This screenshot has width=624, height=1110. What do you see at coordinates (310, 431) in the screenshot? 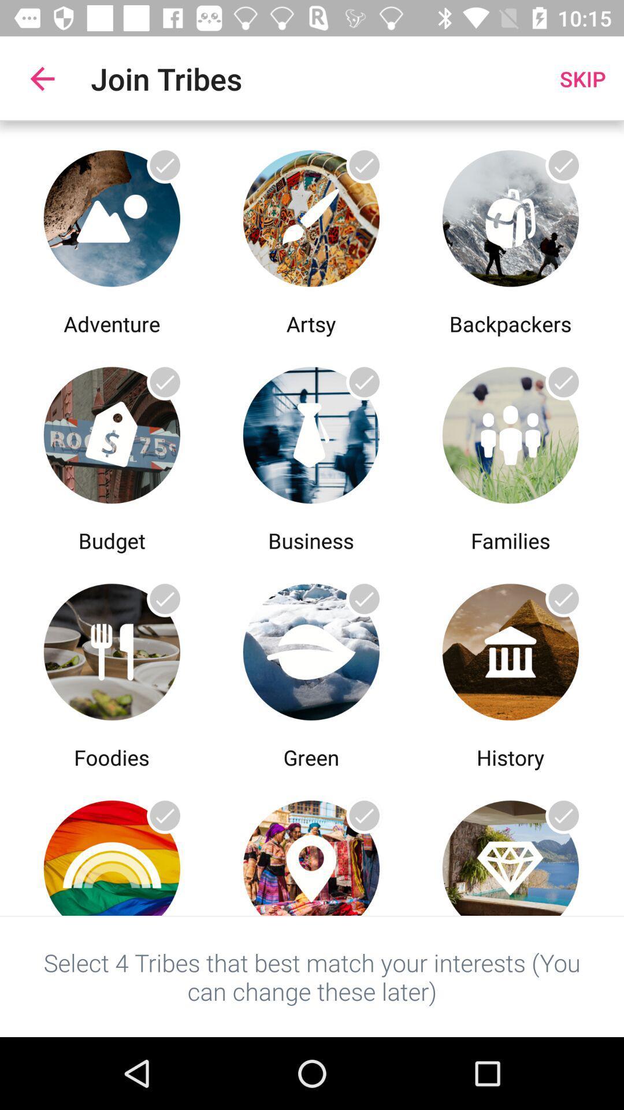
I see `the business tribe page` at bounding box center [310, 431].